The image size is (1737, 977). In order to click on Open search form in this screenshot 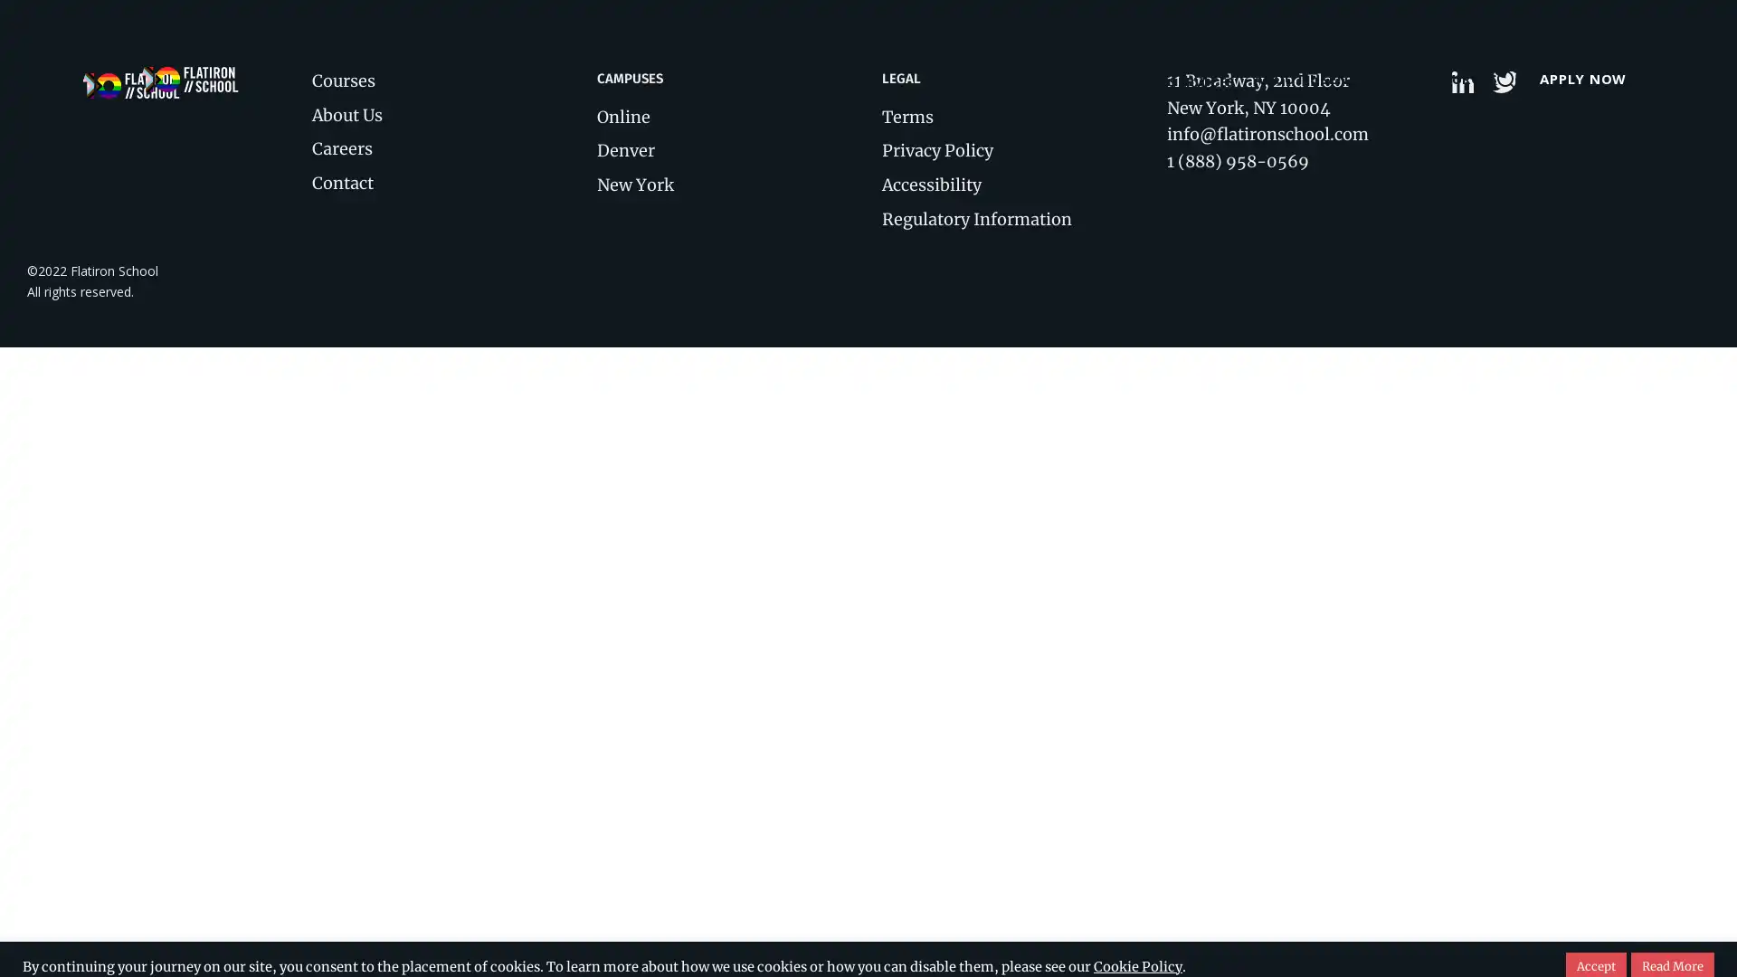, I will do `click(1488, 78)`.